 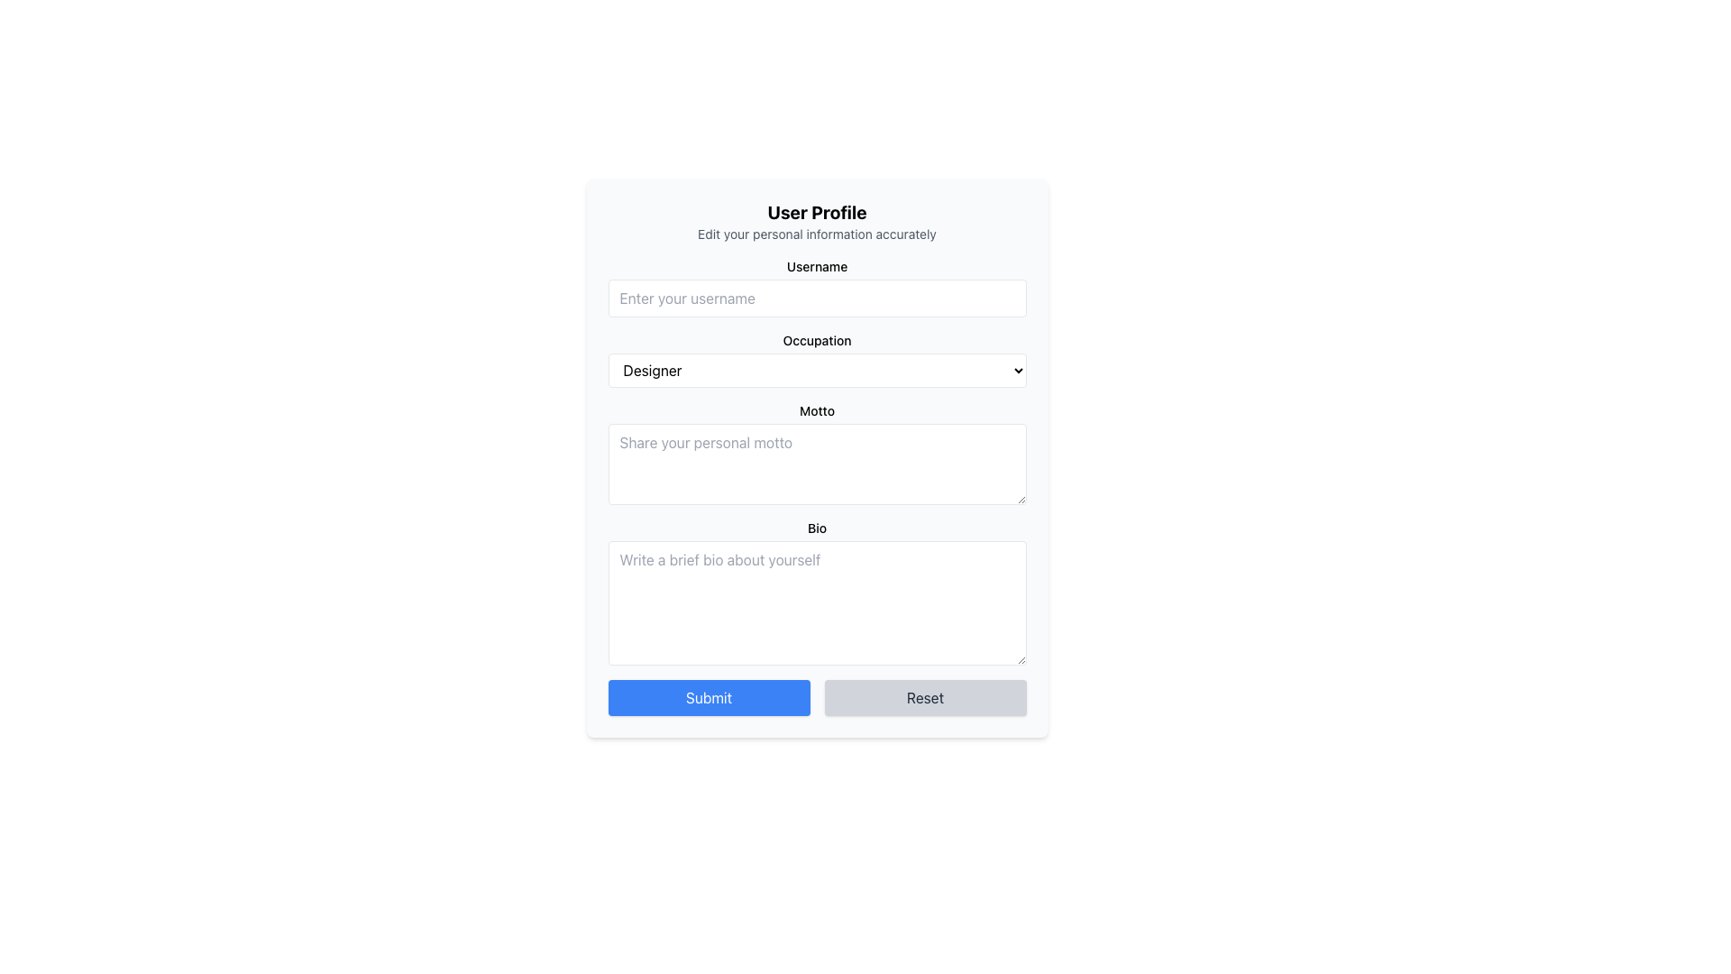 I want to click on the 'Reset' button, which is a rectangular button with rounded edges and a gray background, located at the bottom-right corner of the form, so click(x=925, y=697).